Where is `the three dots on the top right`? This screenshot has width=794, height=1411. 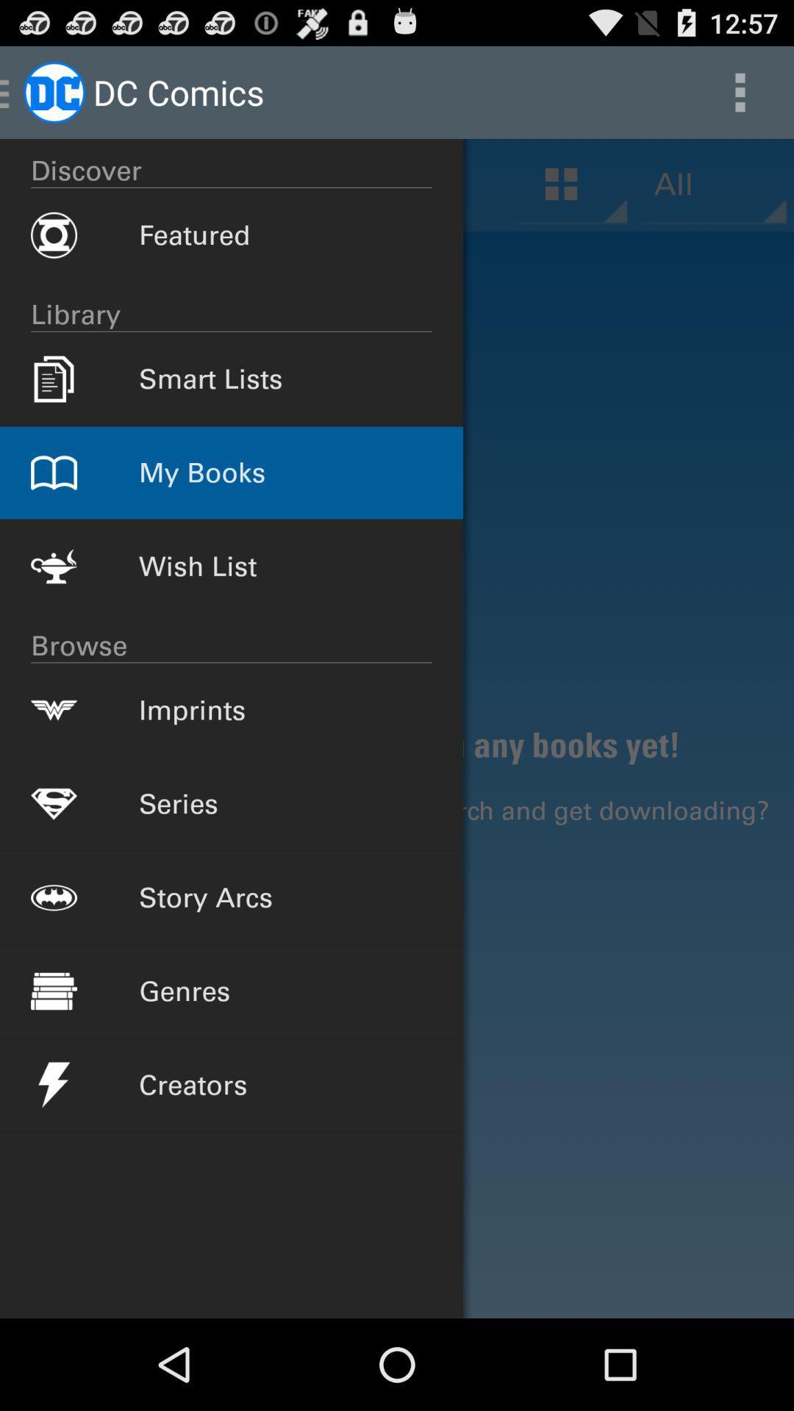
the three dots on the top right is located at coordinates (740, 91).